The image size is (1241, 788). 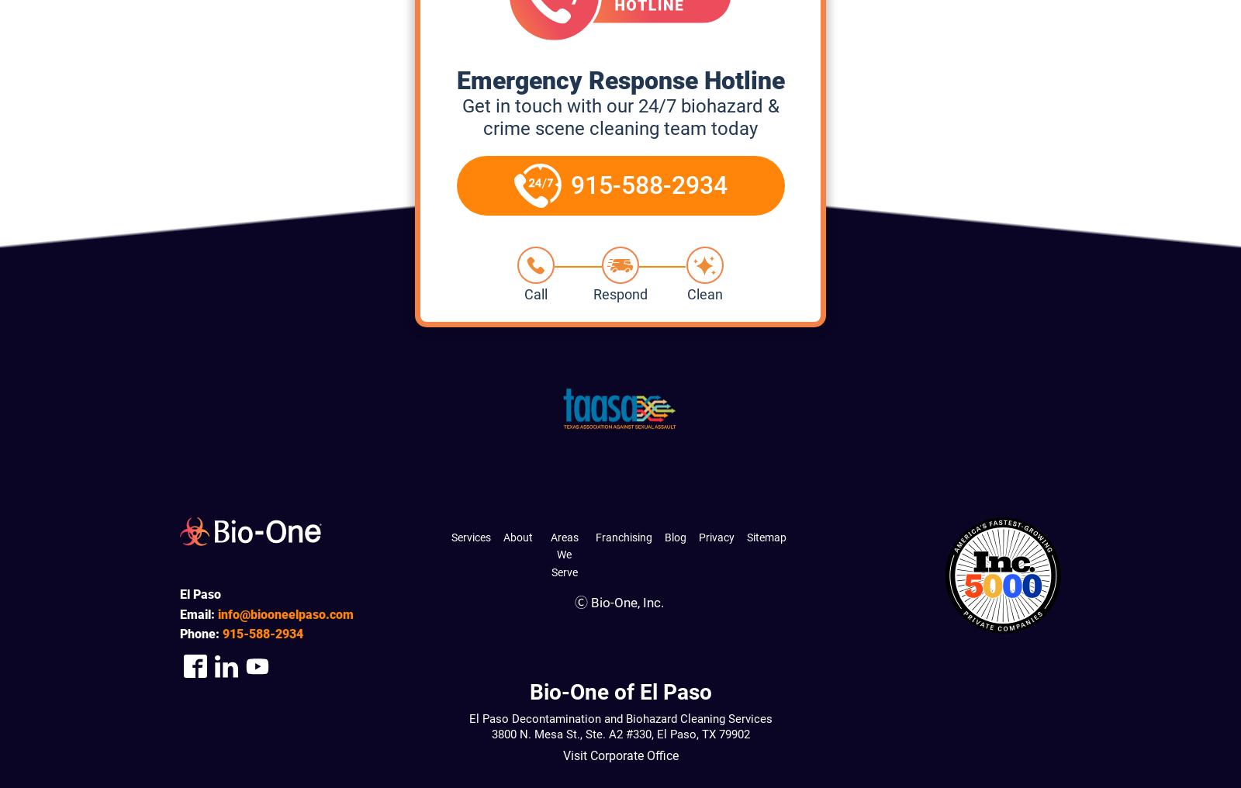 I want to click on 'Ⓒ Bio-One, Inc.', so click(x=618, y=602).